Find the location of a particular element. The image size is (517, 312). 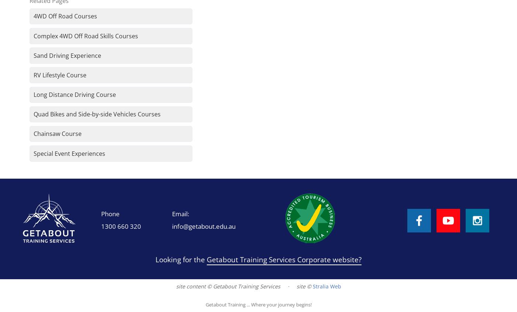

'Phone' is located at coordinates (110, 213).